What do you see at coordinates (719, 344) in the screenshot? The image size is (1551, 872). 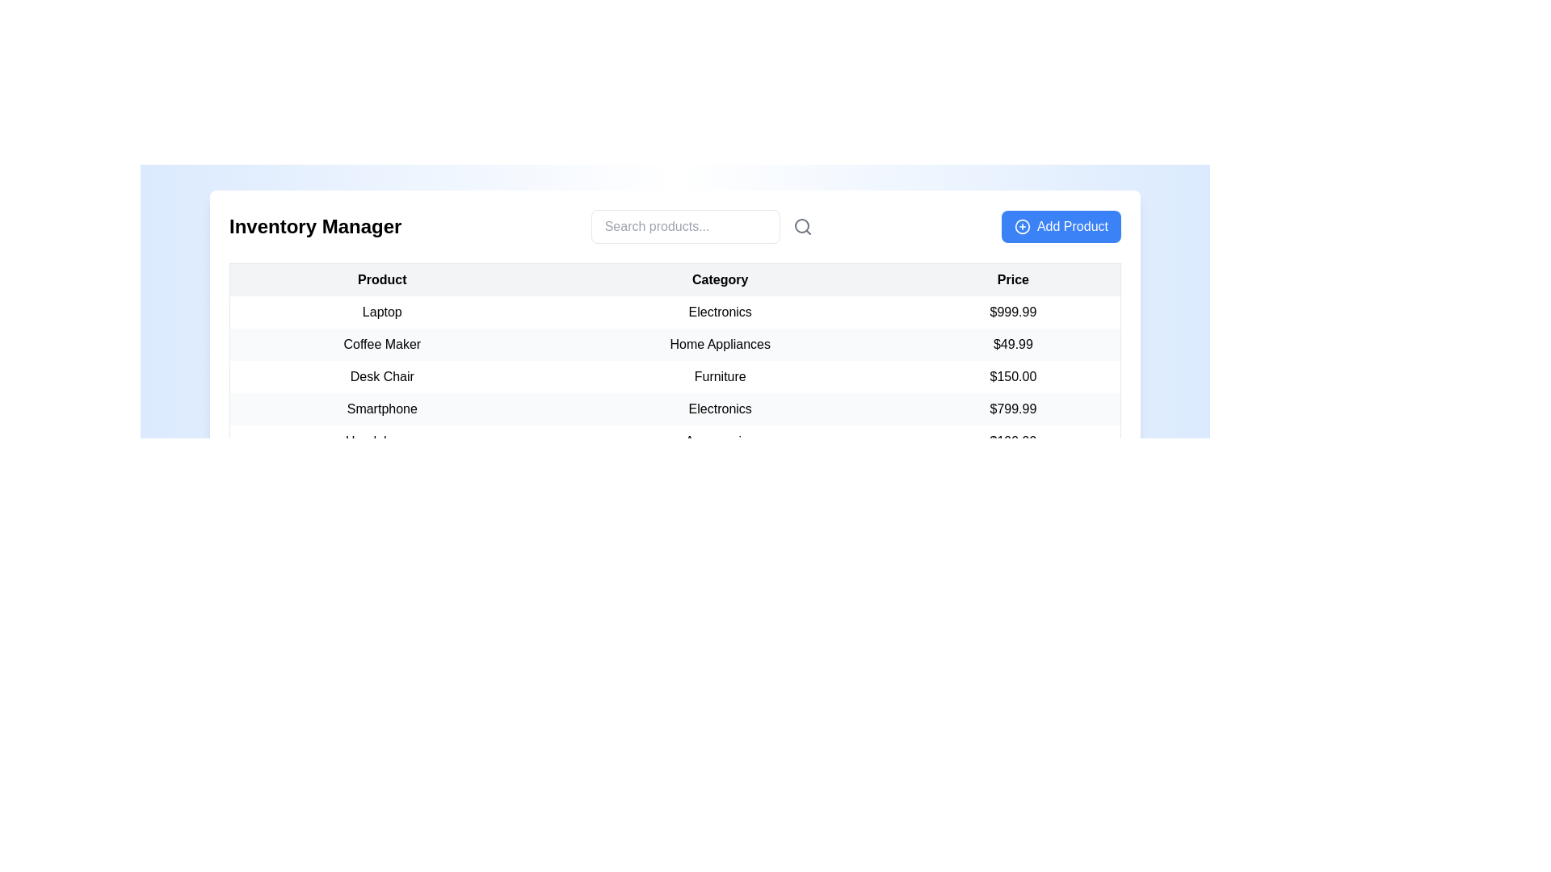 I see `the Text Label displaying the category information for the product in the second row of the inventory management table under the 'Category' column, located between 'Coffee Maker' and '$49.99'` at bounding box center [719, 344].